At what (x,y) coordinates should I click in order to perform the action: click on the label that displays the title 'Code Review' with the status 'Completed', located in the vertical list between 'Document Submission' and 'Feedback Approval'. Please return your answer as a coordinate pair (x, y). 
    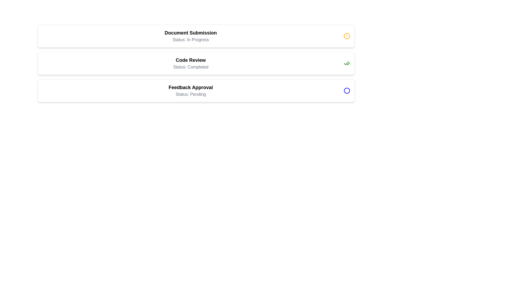
    Looking at the image, I should click on (191, 63).